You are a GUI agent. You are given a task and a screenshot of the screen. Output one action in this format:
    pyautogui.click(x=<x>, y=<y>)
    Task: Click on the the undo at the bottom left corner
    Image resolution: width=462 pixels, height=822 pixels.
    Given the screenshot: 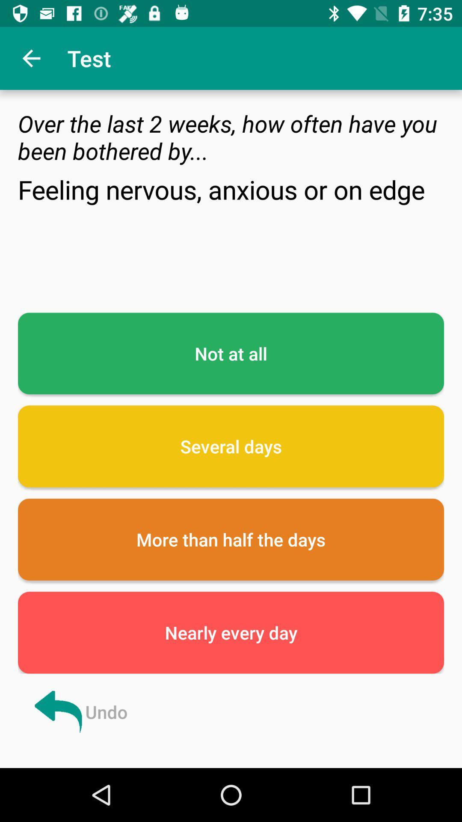 What is the action you would take?
    pyautogui.click(x=79, y=712)
    